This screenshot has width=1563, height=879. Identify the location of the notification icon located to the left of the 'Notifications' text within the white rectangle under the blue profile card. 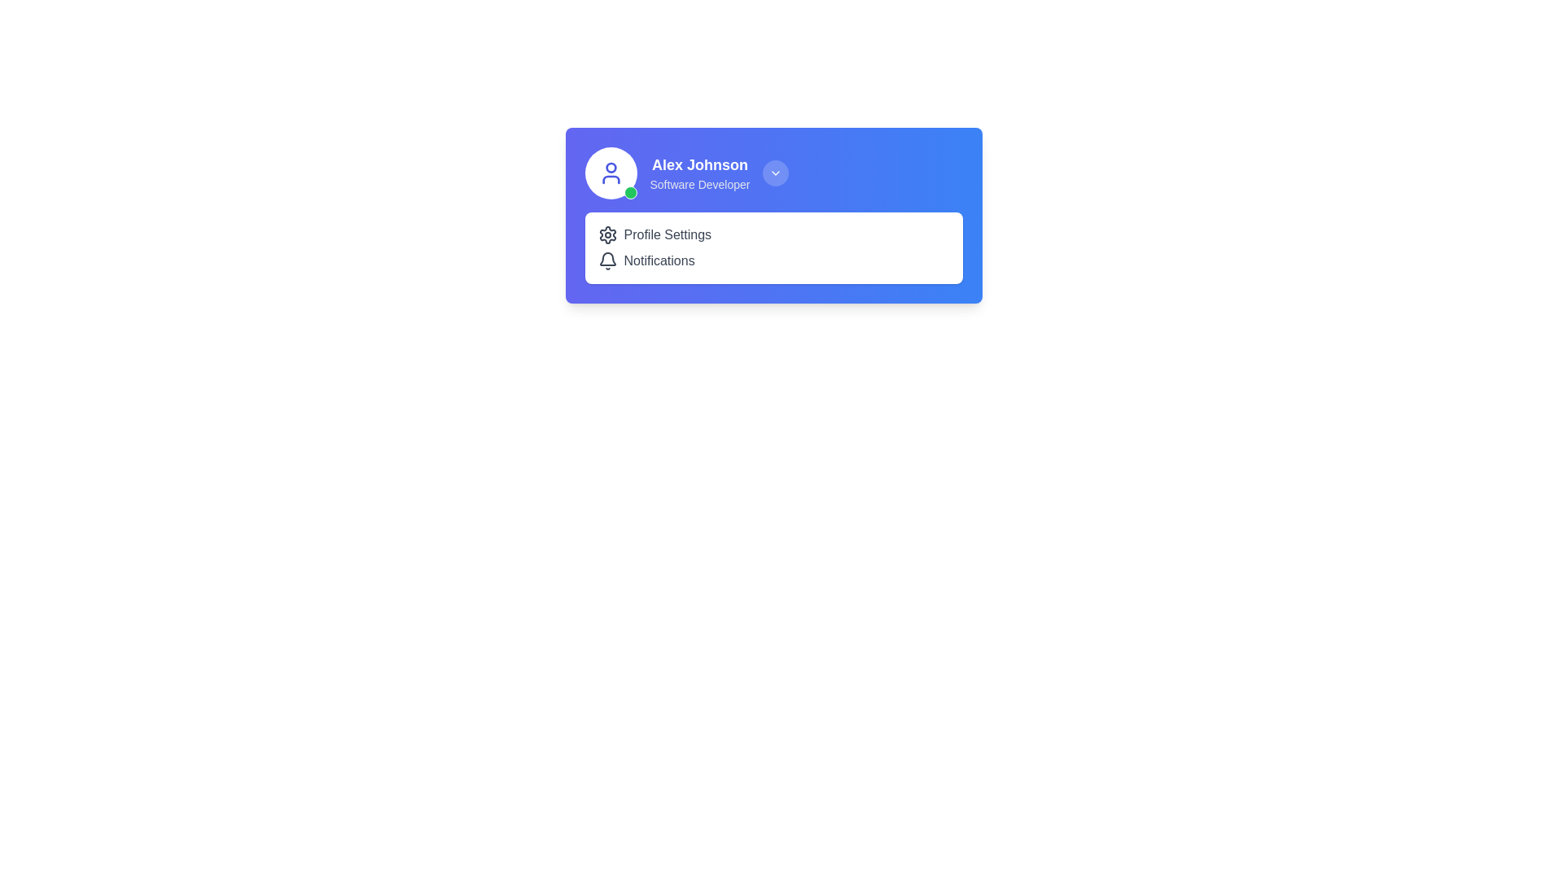
(606, 260).